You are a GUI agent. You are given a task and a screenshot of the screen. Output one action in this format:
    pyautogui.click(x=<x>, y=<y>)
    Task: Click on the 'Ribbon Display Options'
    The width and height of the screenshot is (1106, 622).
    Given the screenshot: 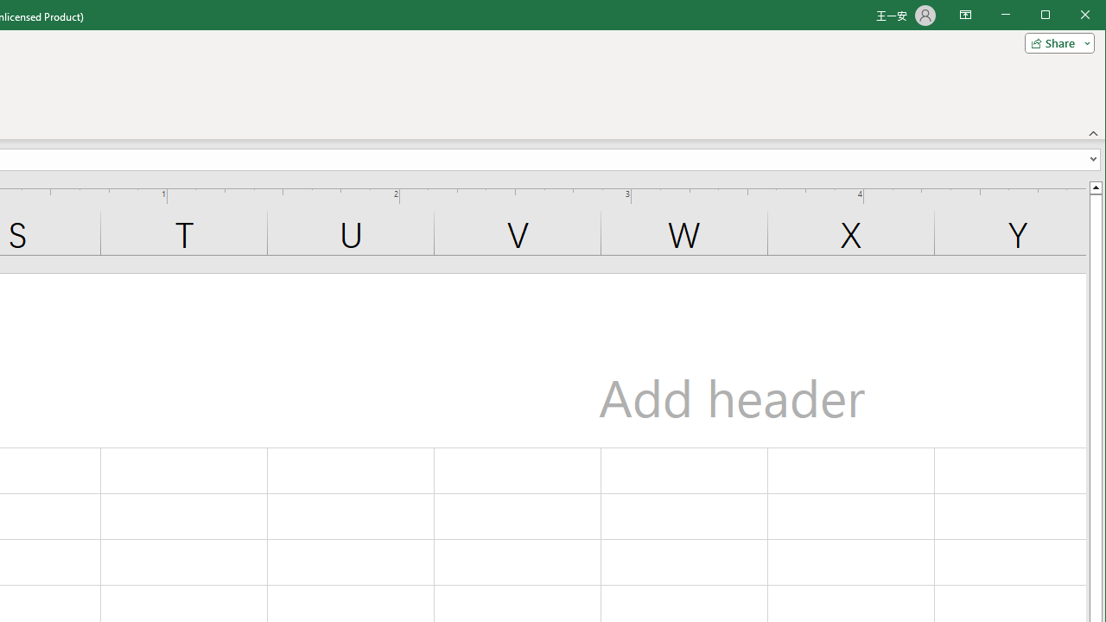 What is the action you would take?
    pyautogui.click(x=964, y=16)
    